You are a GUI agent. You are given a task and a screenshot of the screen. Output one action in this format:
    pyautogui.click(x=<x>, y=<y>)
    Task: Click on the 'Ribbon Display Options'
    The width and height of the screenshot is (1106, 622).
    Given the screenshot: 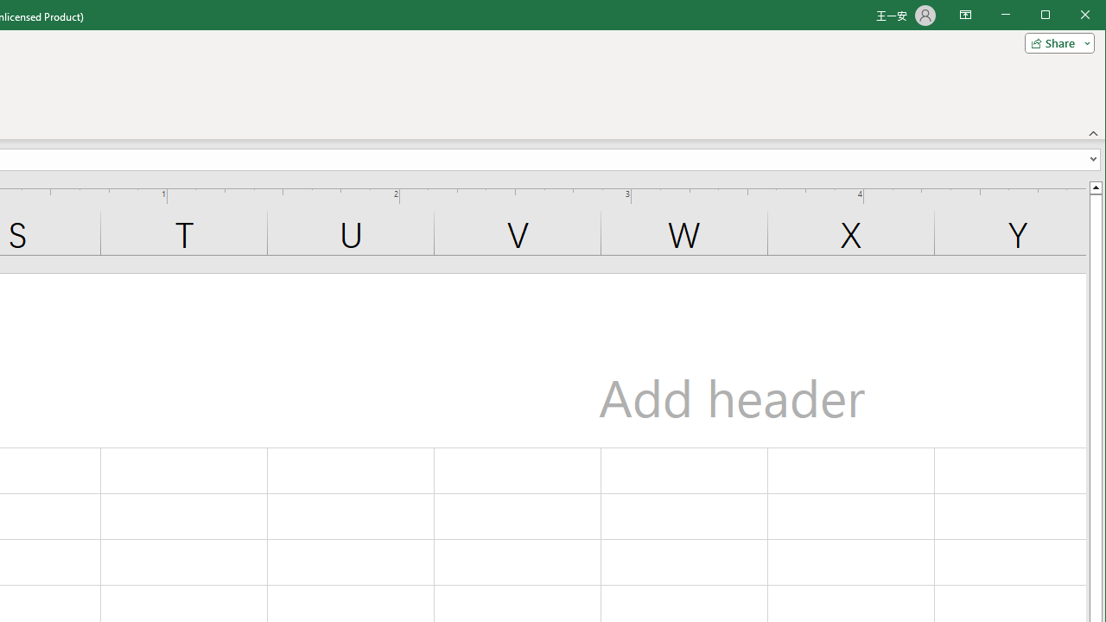 What is the action you would take?
    pyautogui.click(x=964, y=16)
    